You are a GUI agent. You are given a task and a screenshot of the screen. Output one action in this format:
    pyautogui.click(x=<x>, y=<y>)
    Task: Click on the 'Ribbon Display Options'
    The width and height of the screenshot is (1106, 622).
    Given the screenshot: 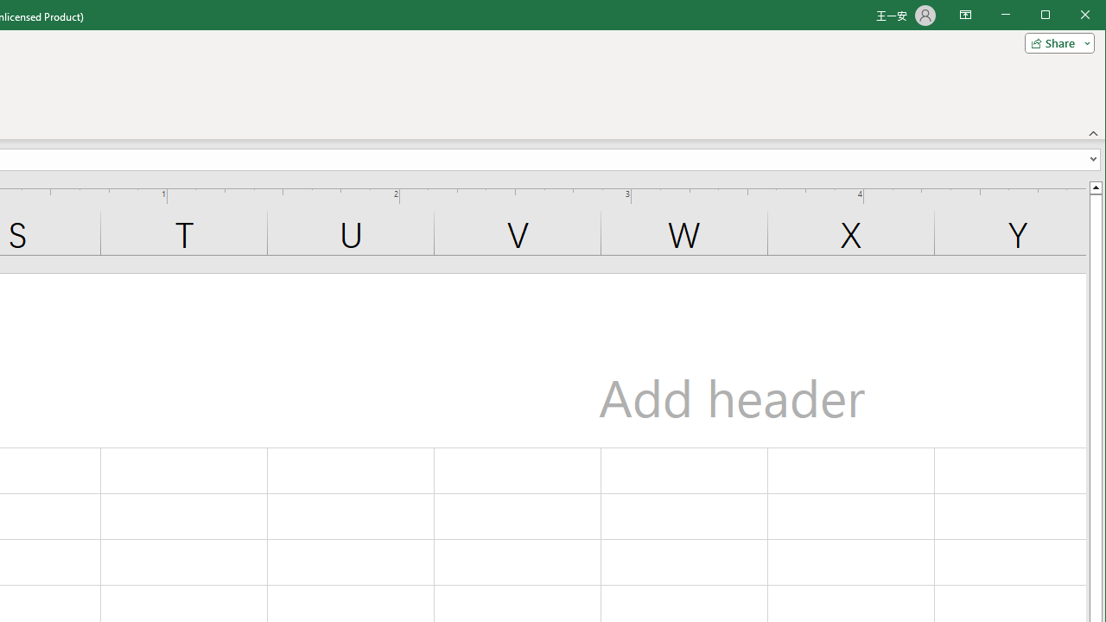 What is the action you would take?
    pyautogui.click(x=964, y=16)
    